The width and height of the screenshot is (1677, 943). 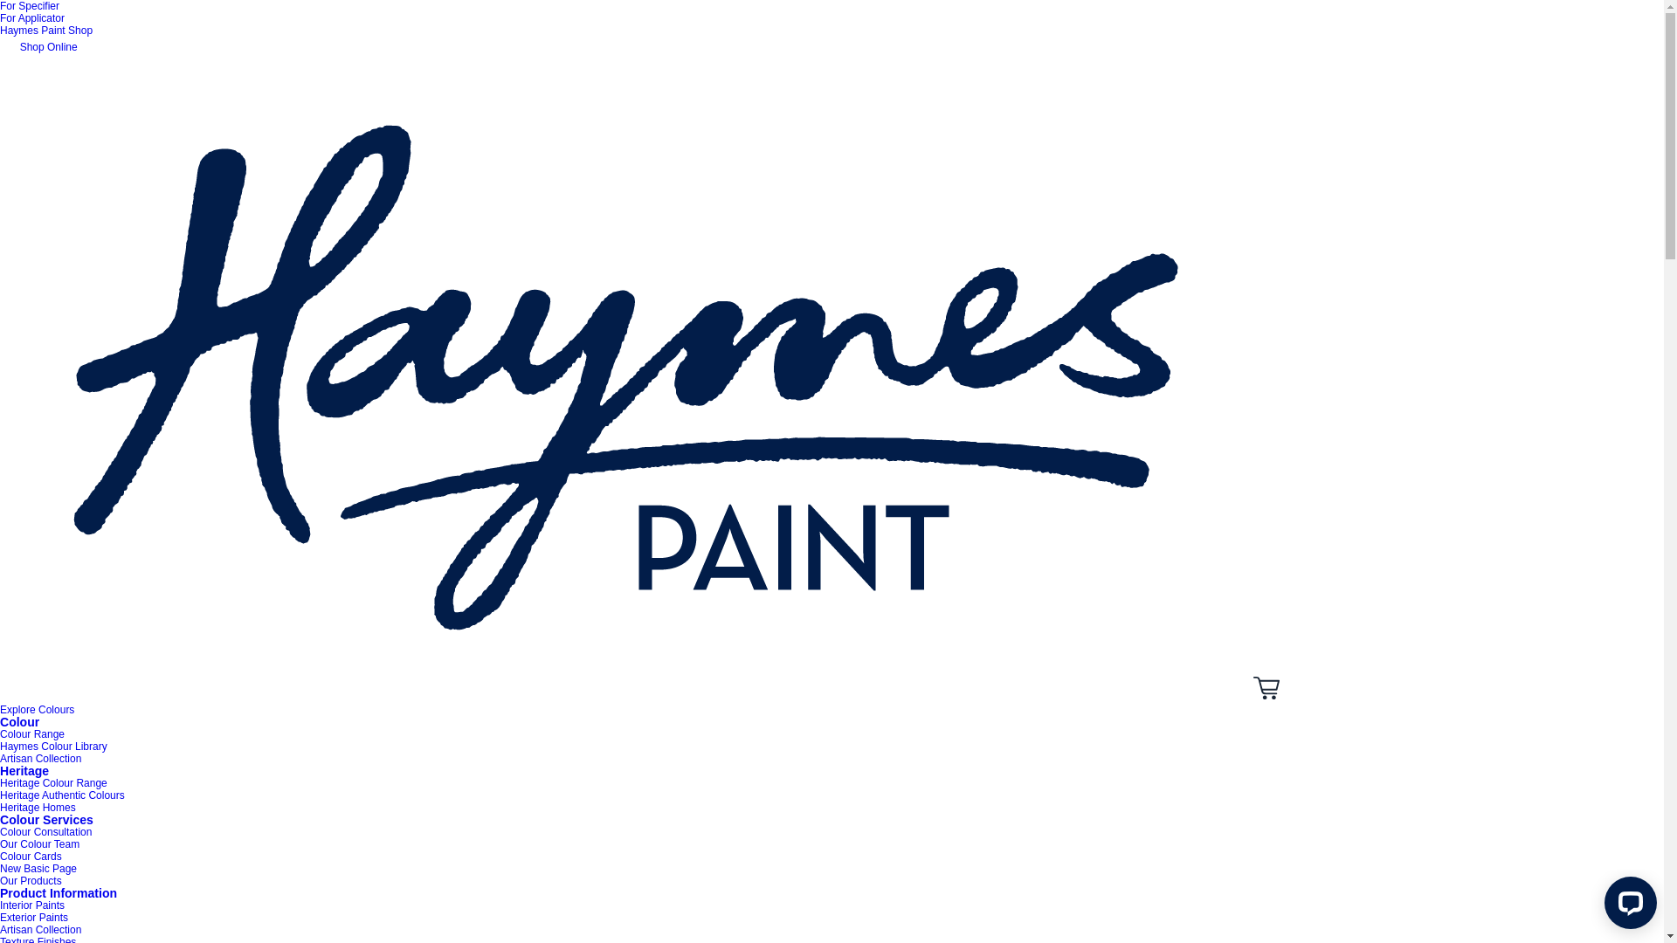 What do you see at coordinates (32, 733) in the screenshot?
I see `'Colour Range'` at bounding box center [32, 733].